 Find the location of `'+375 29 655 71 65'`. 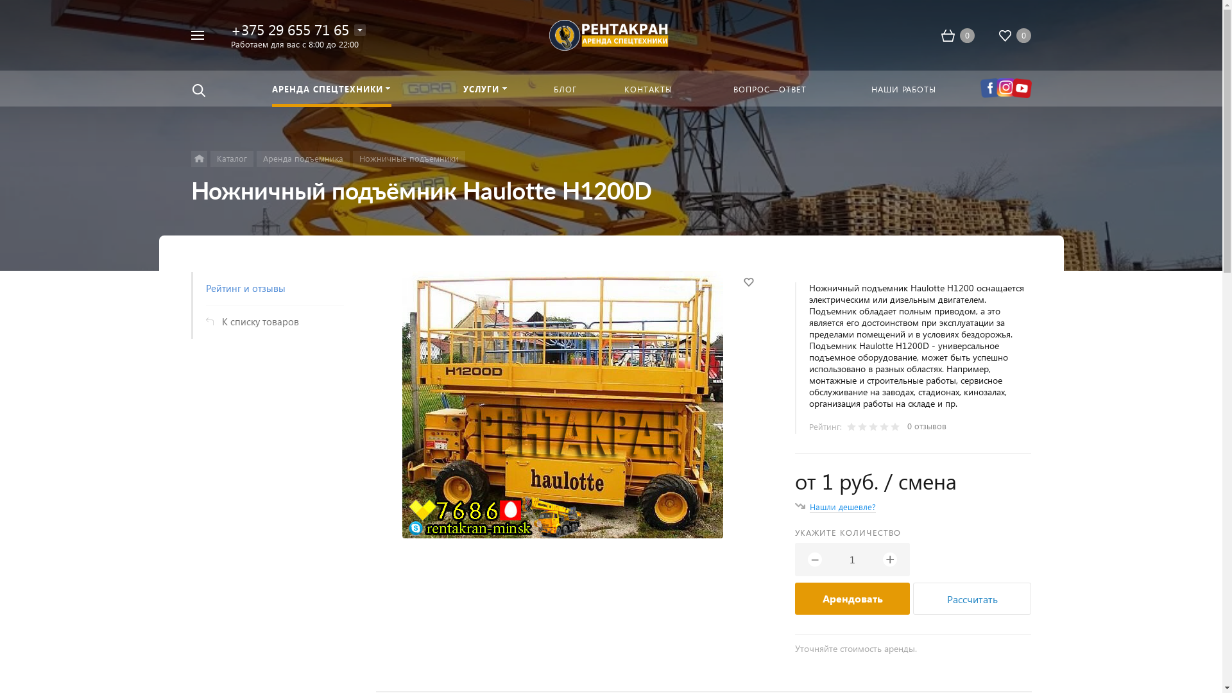

'+375 29 655 71 65' is located at coordinates (289, 29).